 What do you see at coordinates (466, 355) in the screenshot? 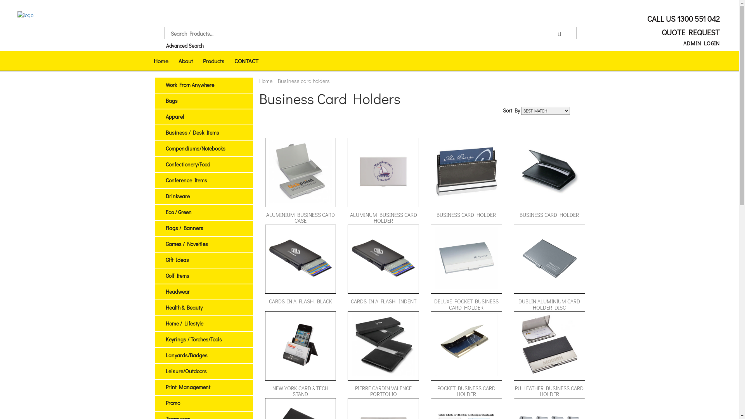
I see `'POCKET BUSINESS CARD HOLDER'` at bounding box center [466, 355].